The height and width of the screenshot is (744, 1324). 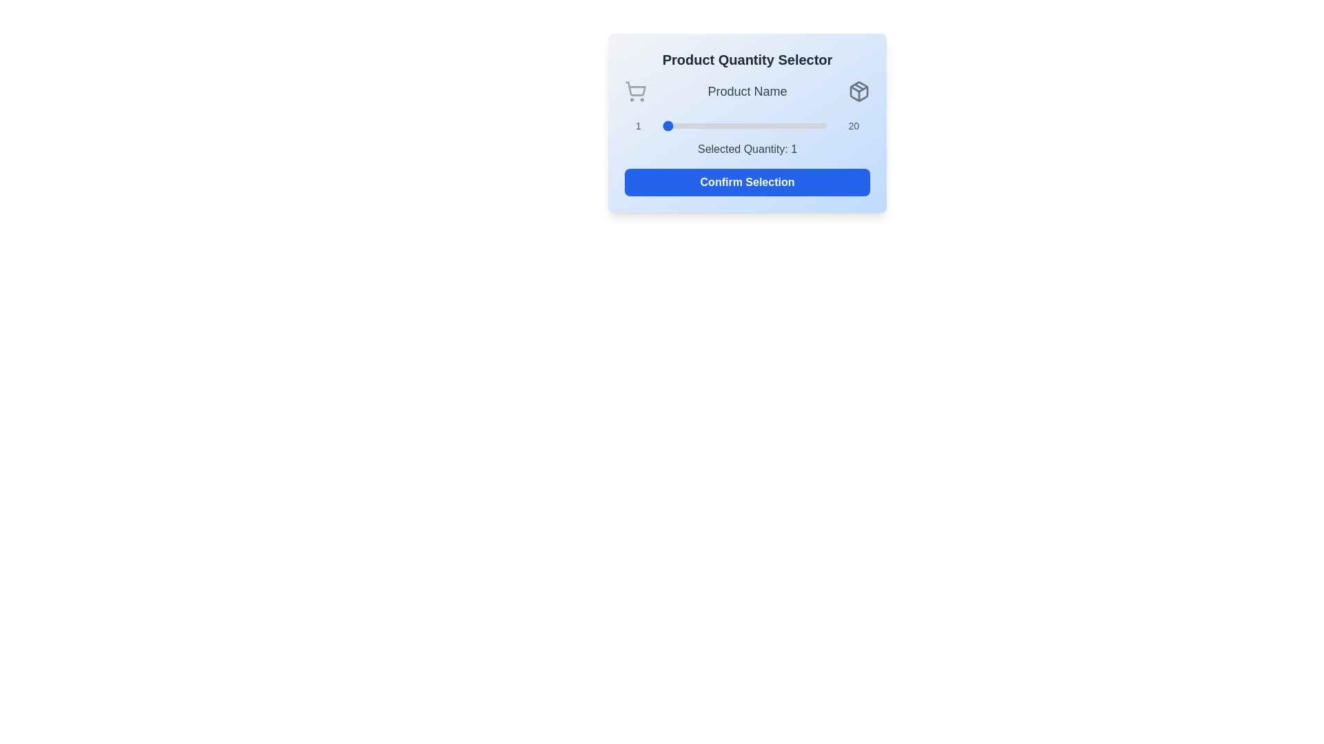 I want to click on the package icon, so click(x=859, y=91).